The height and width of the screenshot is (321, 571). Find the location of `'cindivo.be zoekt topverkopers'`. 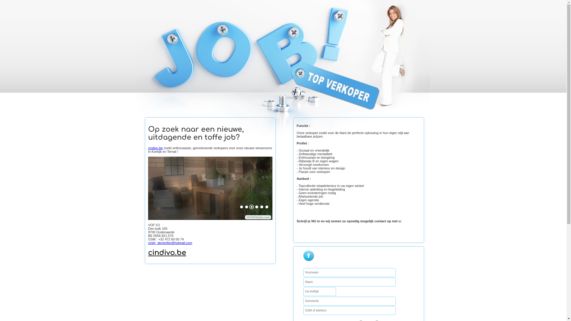

'cindivo.be zoekt topverkopers' is located at coordinates (210, 188).